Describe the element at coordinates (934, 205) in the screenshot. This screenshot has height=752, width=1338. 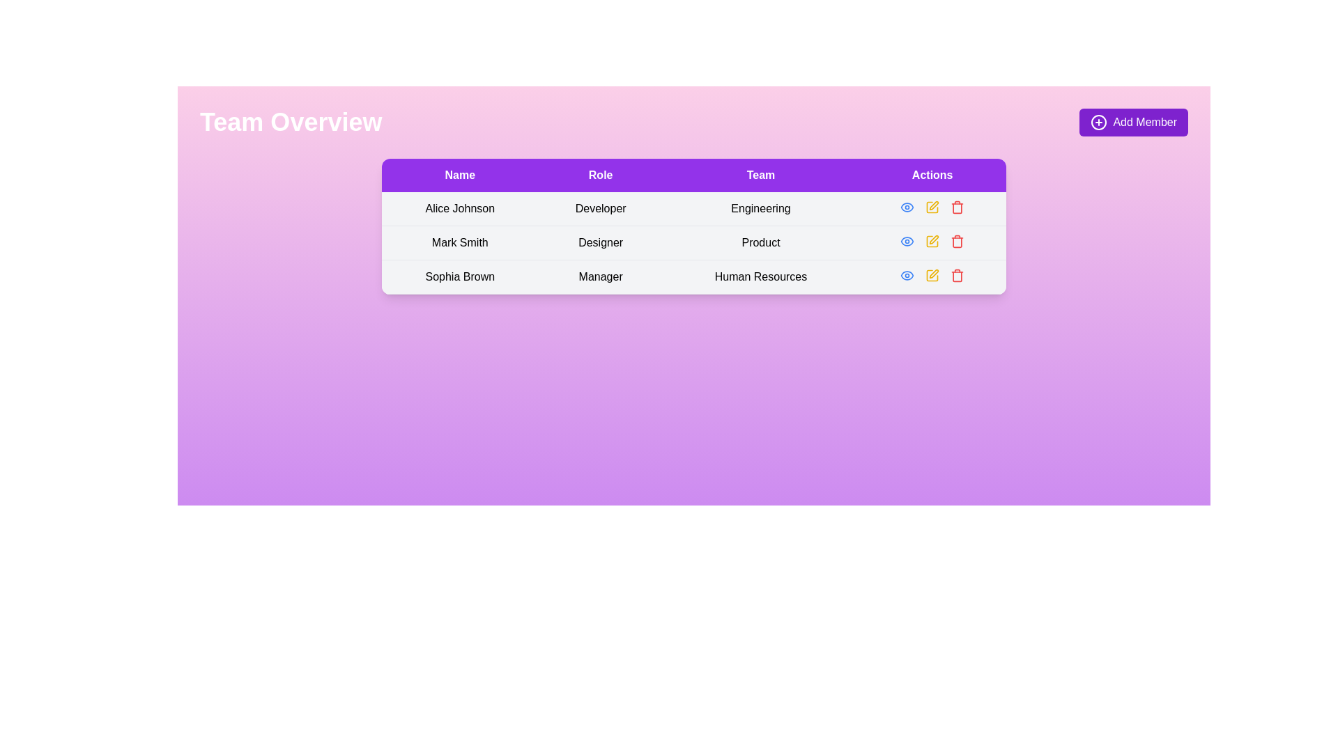
I see `the editing icon in the 'Actions' column of the table for 'Alice Johnson'` at that location.